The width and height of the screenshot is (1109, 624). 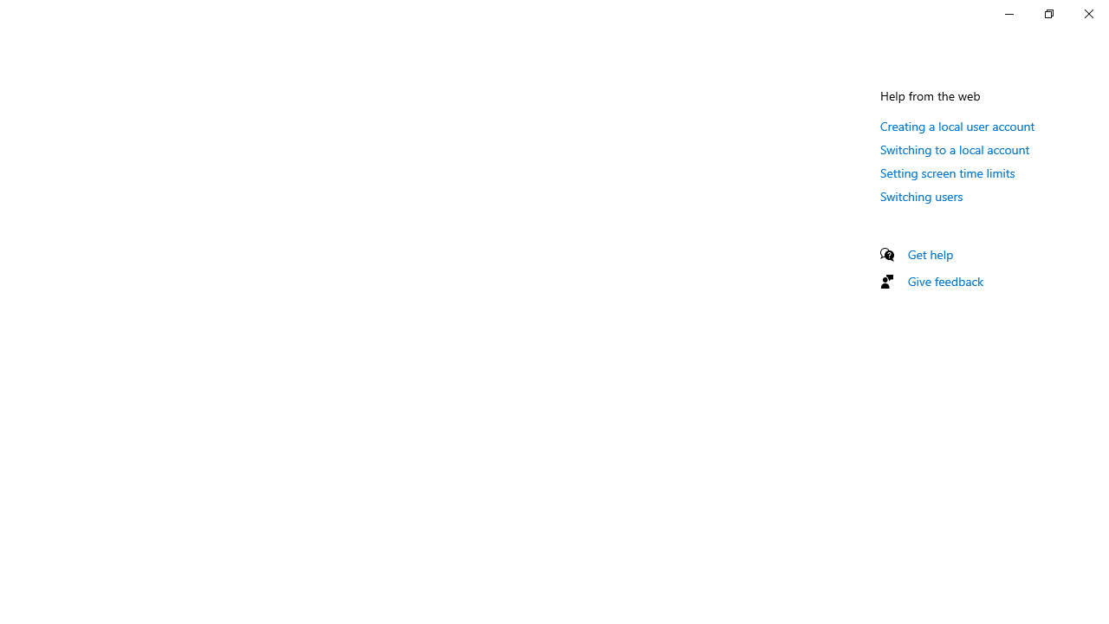 What do you see at coordinates (944, 280) in the screenshot?
I see `'Give feedback'` at bounding box center [944, 280].